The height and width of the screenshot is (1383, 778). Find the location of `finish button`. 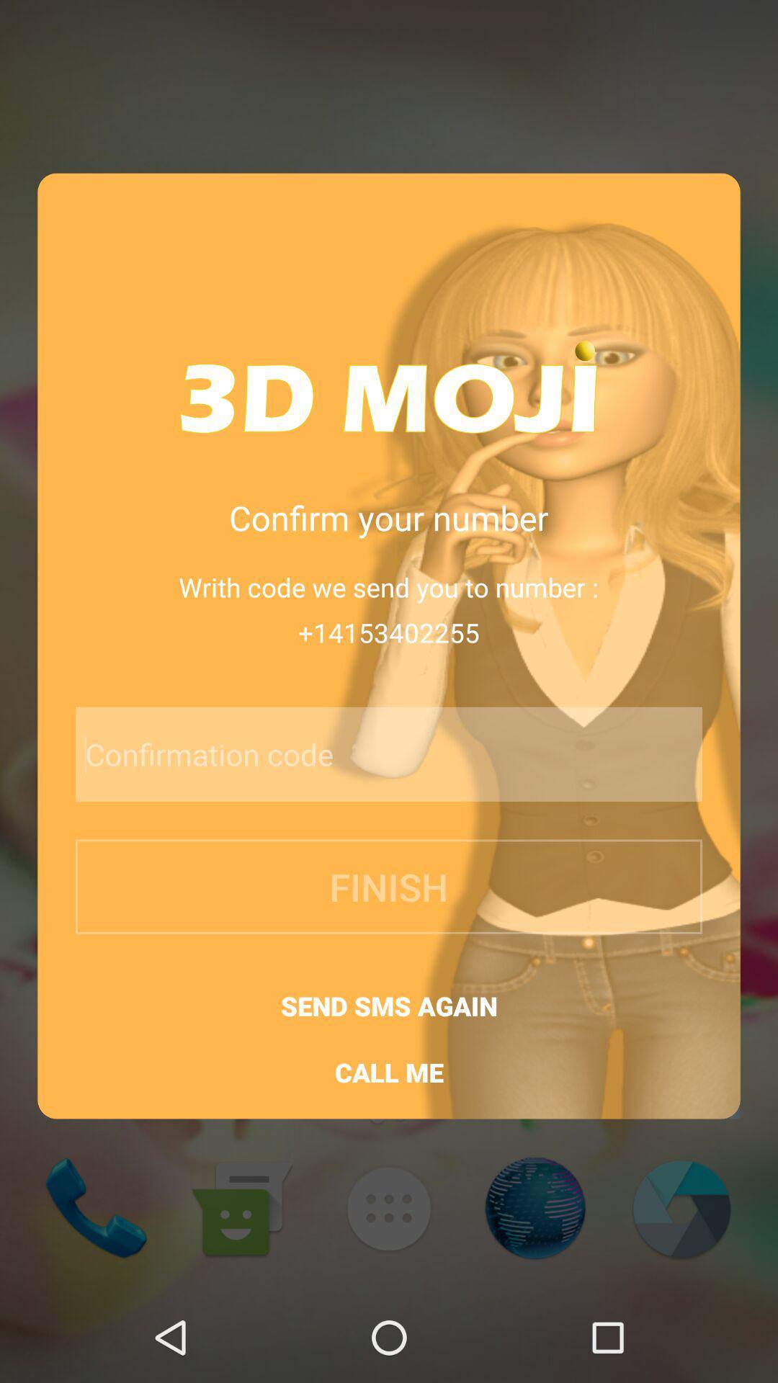

finish button is located at coordinates (389, 886).